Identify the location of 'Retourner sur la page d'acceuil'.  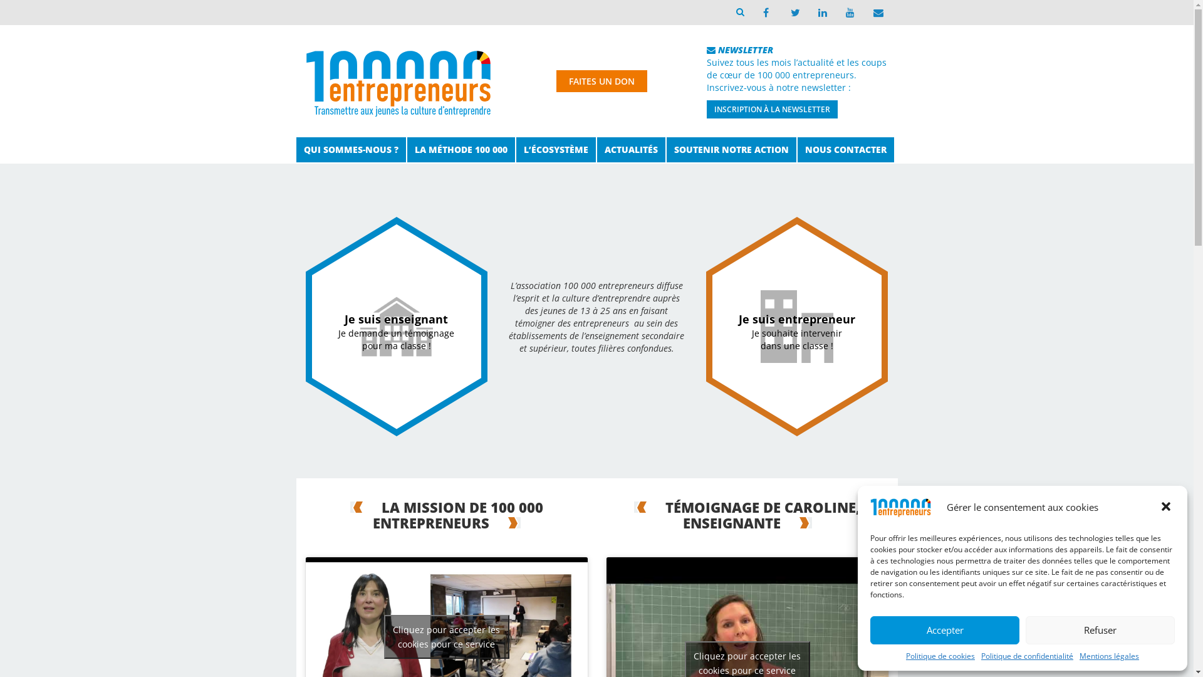
(397, 79).